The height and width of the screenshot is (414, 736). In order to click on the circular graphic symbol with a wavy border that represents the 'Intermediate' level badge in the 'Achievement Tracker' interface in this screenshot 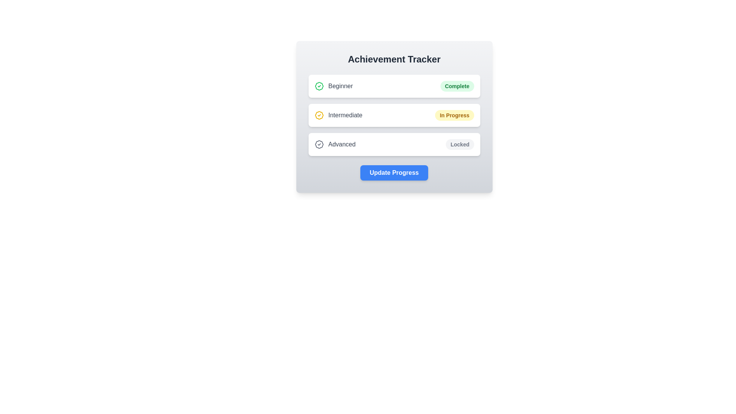, I will do `click(319, 115)`.